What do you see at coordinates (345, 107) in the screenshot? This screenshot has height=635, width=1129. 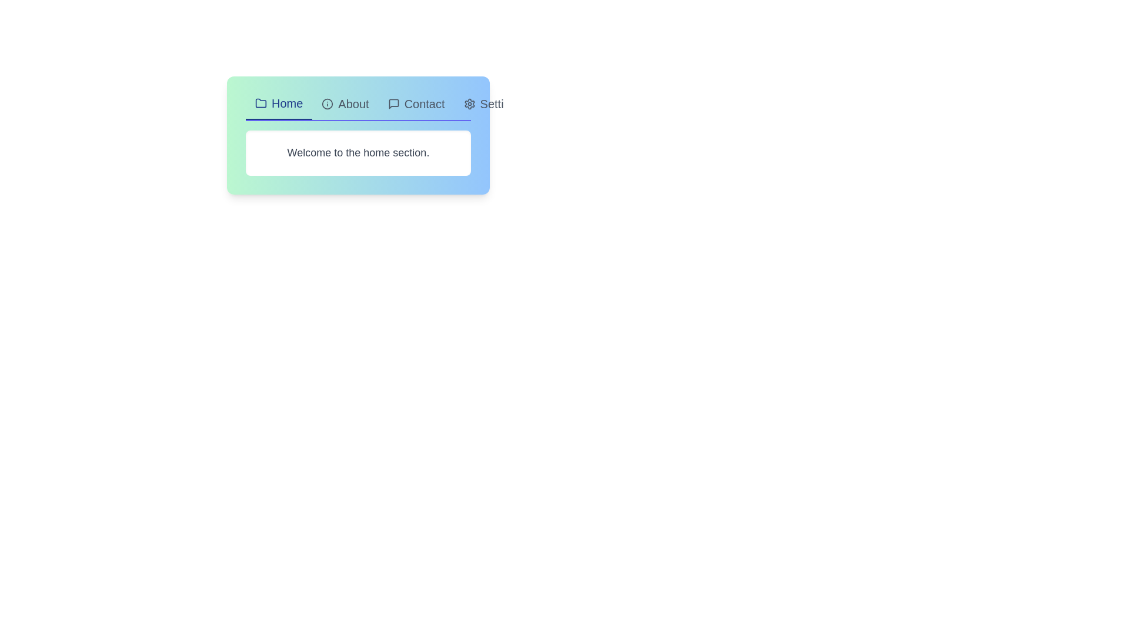 I see `the tab labeled About` at bounding box center [345, 107].